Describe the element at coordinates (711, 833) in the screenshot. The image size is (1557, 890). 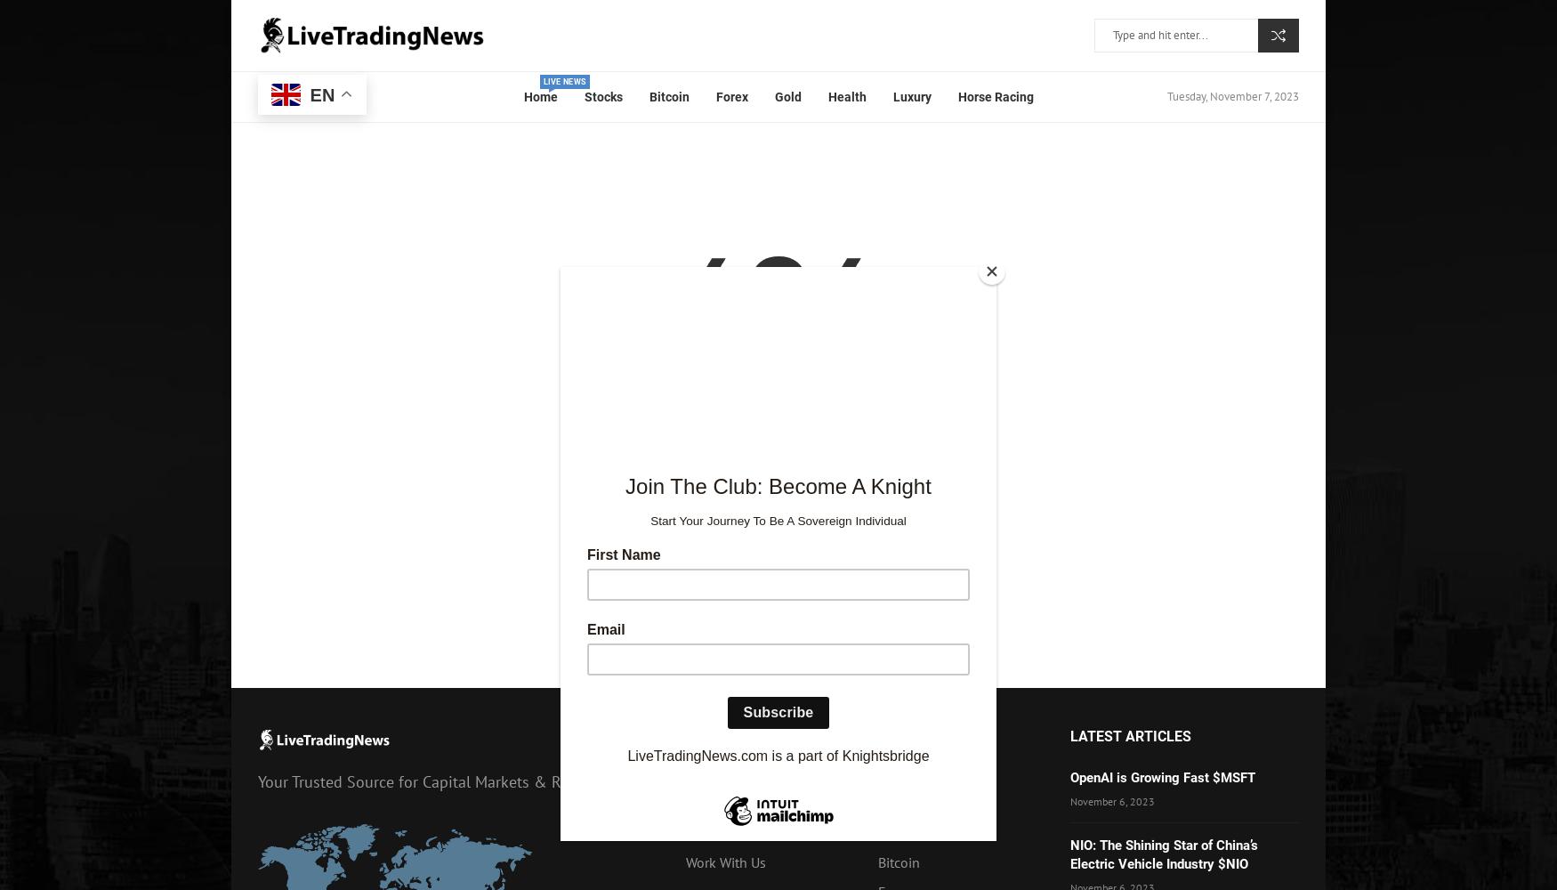
I see `'About Us'` at that location.